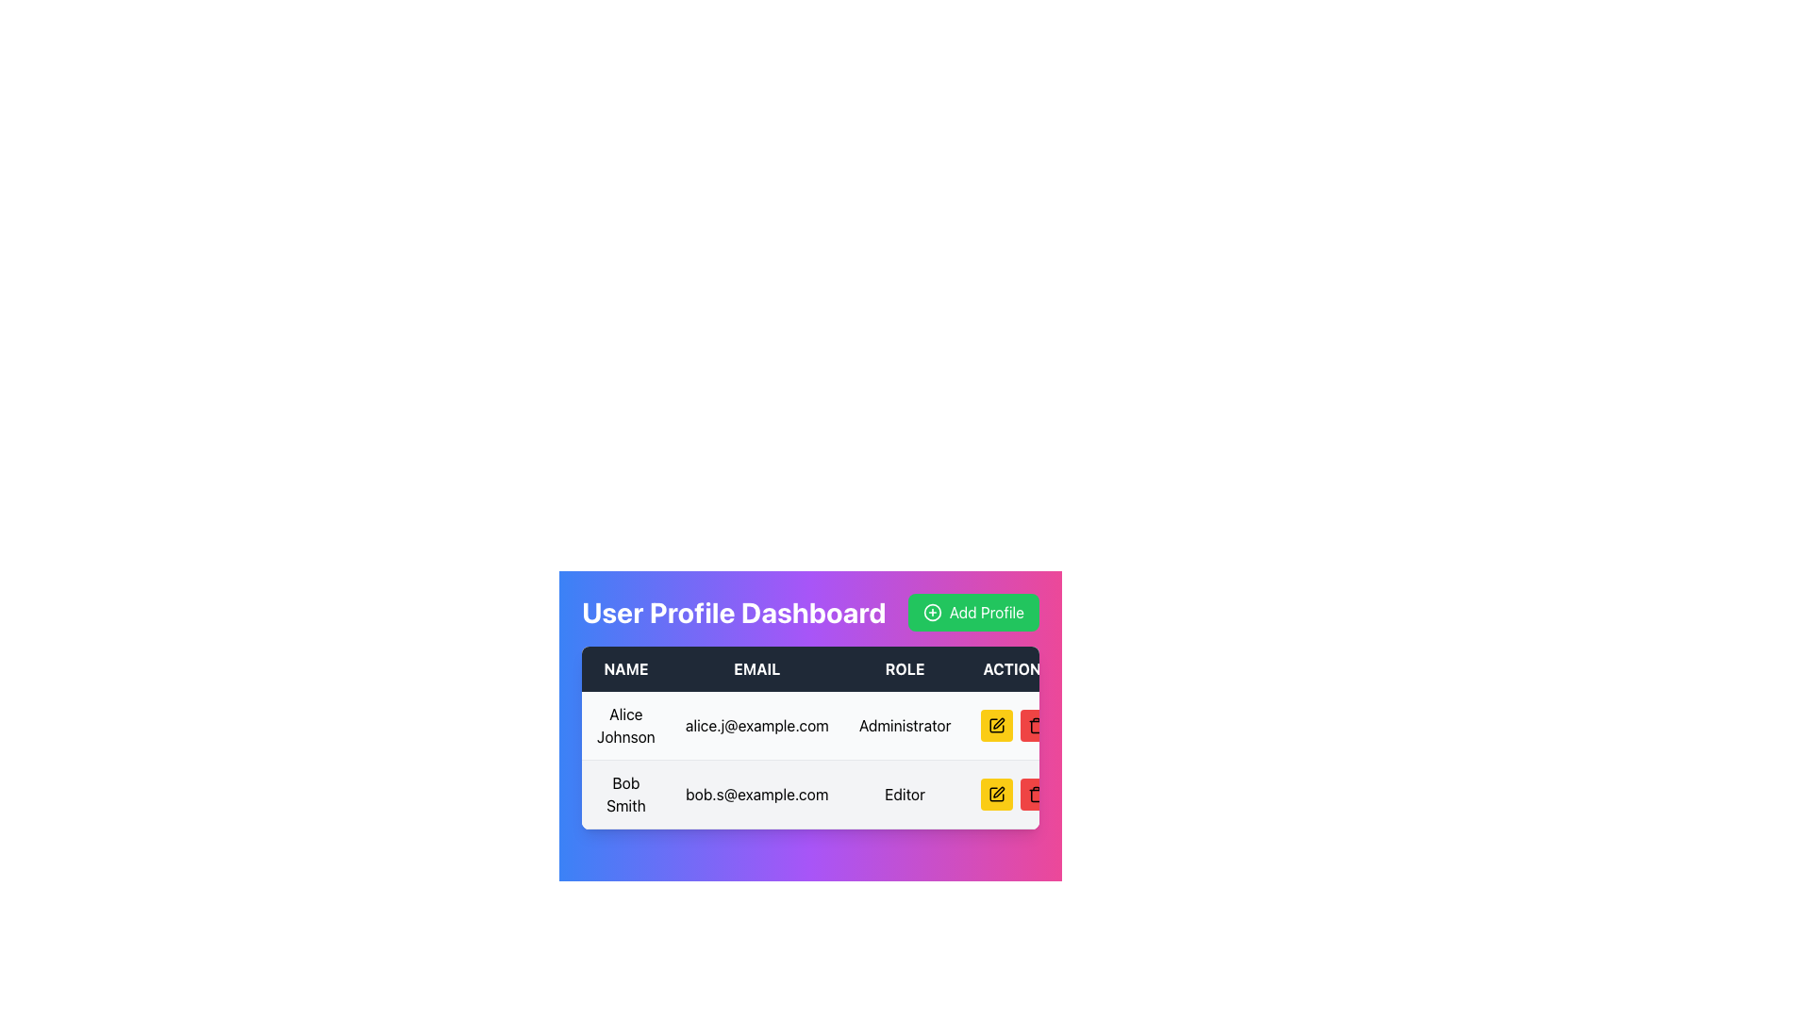 Image resolution: width=1811 pixels, height=1018 pixels. Describe the element at coordinates (996, 725) in the screenshot. I see `the yellow rectangular button with a black outline containing a pencil icon for the user 'Bob Smith'` at that location.